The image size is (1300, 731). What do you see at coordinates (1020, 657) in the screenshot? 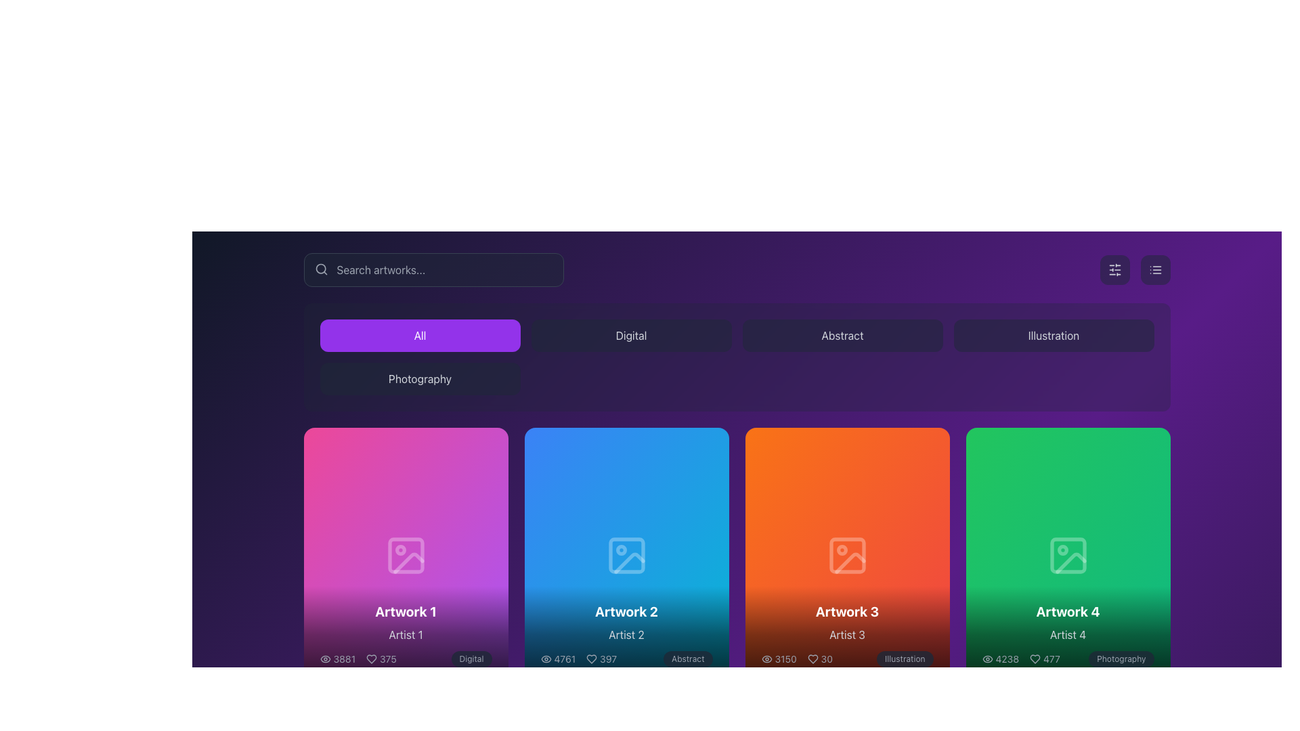
I see `the informational item displaying the statistics '4238' and '477' with eye and heart icons` at bounding box center [1020, 657].